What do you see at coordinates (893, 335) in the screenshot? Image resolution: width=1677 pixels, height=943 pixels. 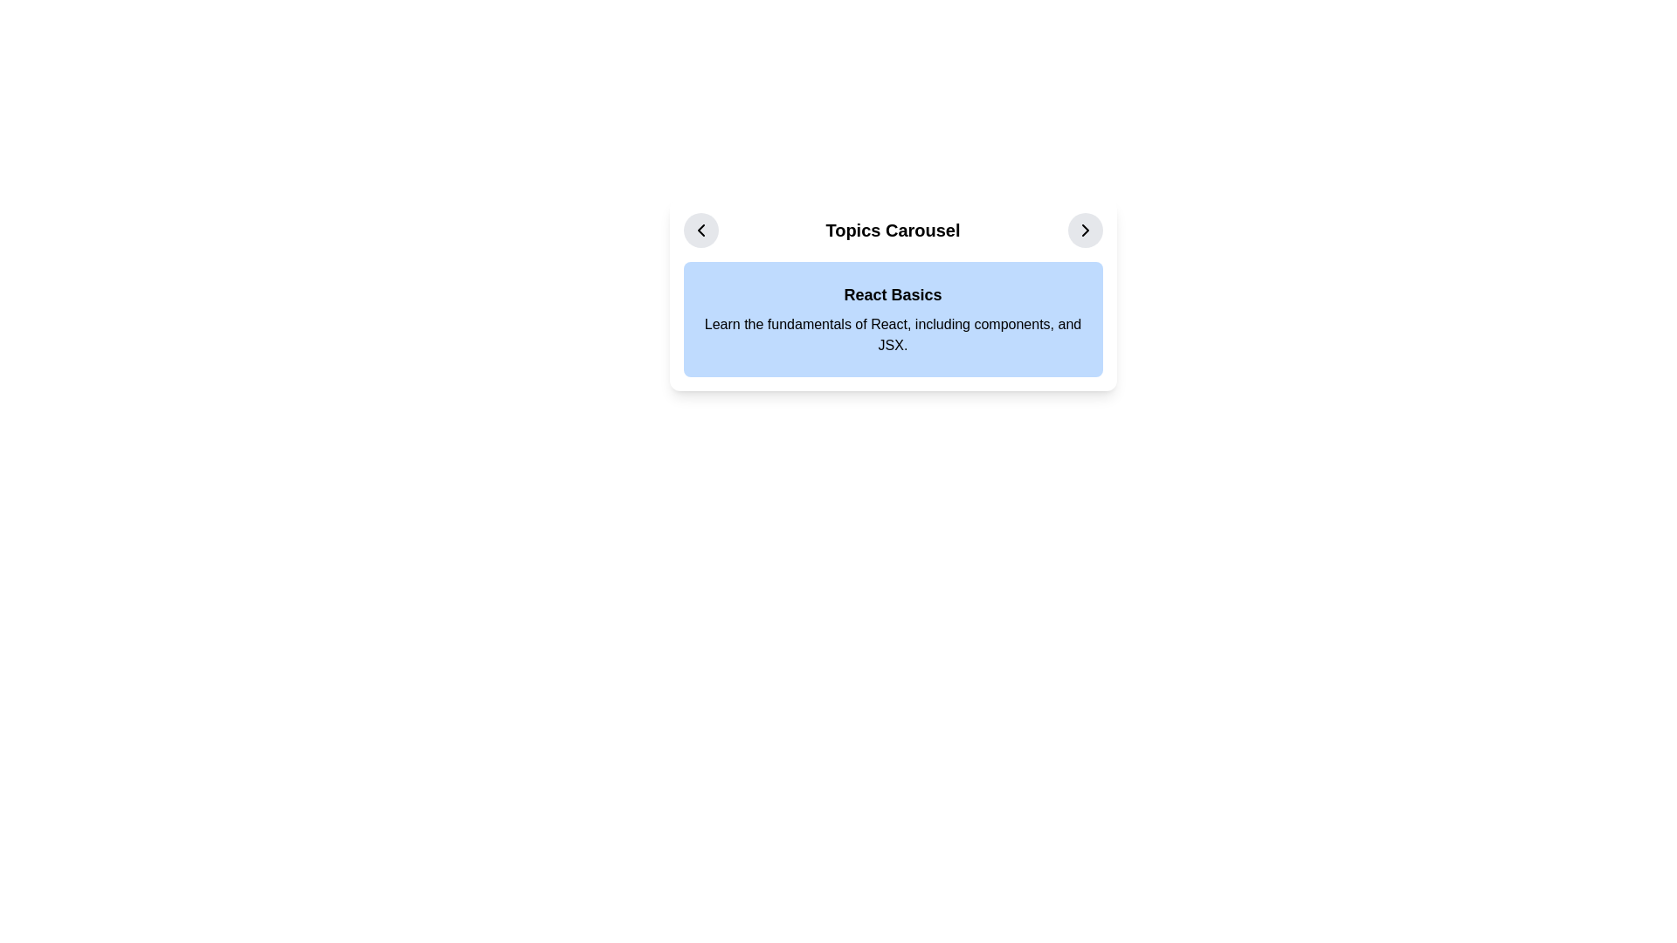 I see `the text block that contains the phrase 'Learn the fundamentals of React, including components, and JSX.' located below the title 'React Basics' within a light blue section` at bounding box center [893, 335].